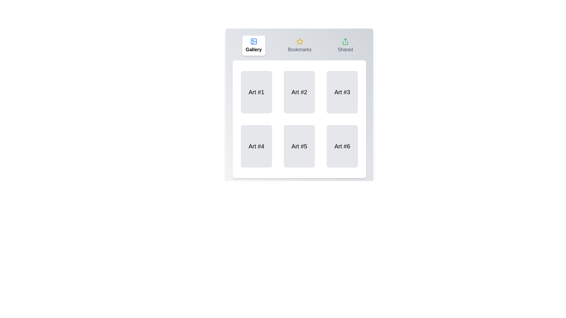 This screenshot has height=318, width=566. Describe the element at coordinates (345, 45) in the screenshot. I see `the Shared tab by clicking on its button` at that location.